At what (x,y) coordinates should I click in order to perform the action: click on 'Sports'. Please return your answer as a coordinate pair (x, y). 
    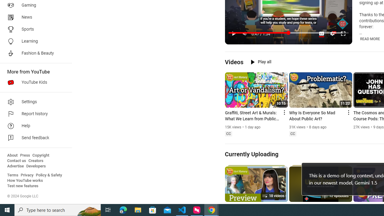
    Looking at the image, I should click on (34, 29).